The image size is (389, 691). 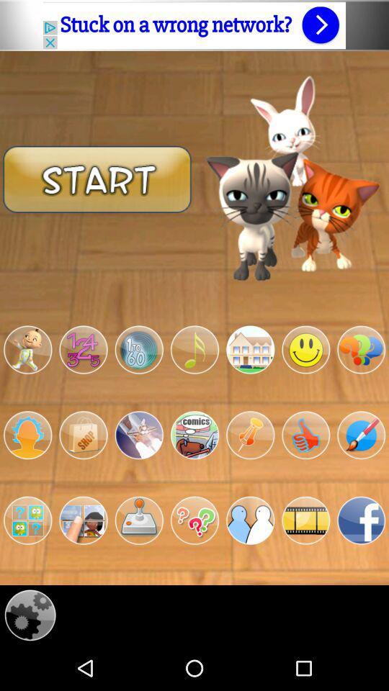 What do you see at coordinates (249, 349) in the screenshot?
I see `button to go to game within app` at bounding box center [249, 349].